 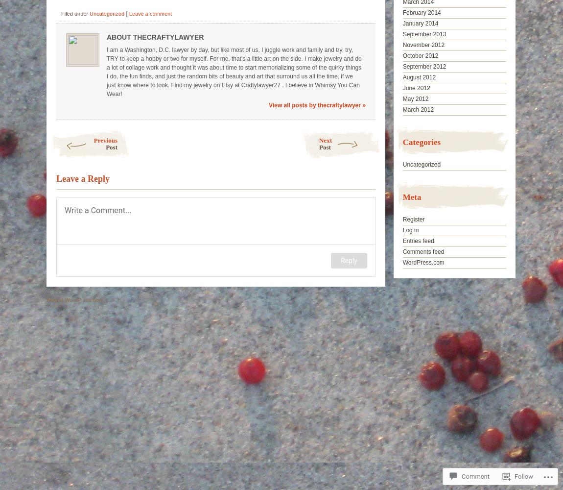 What do you see at coordinates (234, 72) in the screenshot?
I see `'I am a Washington, D.C. lawyer by day, but like most of us, I juggle work and family and try, try, TRY to keep a hobby or two for myself.  For me, that's a little art on the side.  I make jewelry and do a lot of collage work and thought it was about time to start memorializing some of the quirky things I do, the fun finds, and just the random bits of beauty and art that surround us all the time, if we just know where to look.  Find my jewelry on Etsy at Craftylawyer27 .  I believe in Whimsy You Can Wear!'` at bounding box center [234, 72].